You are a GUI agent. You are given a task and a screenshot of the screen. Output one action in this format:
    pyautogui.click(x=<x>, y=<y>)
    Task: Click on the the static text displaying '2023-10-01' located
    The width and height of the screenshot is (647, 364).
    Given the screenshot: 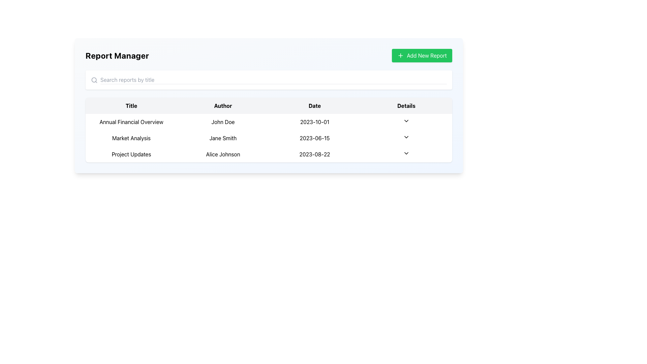 What is the action you would take?
    pyautogui.click(x=314, y=122)
    